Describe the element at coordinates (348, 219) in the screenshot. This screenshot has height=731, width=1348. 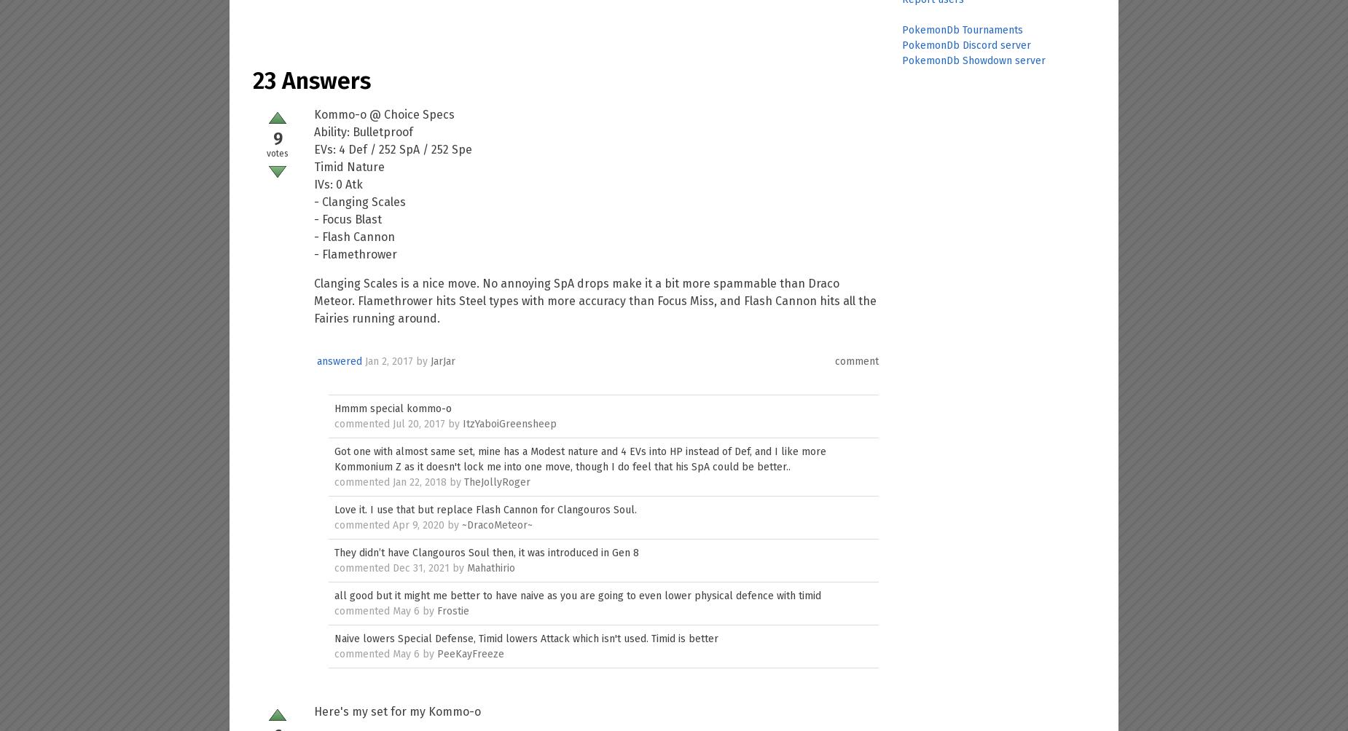
I see `'- Focus Blast'` at that location.